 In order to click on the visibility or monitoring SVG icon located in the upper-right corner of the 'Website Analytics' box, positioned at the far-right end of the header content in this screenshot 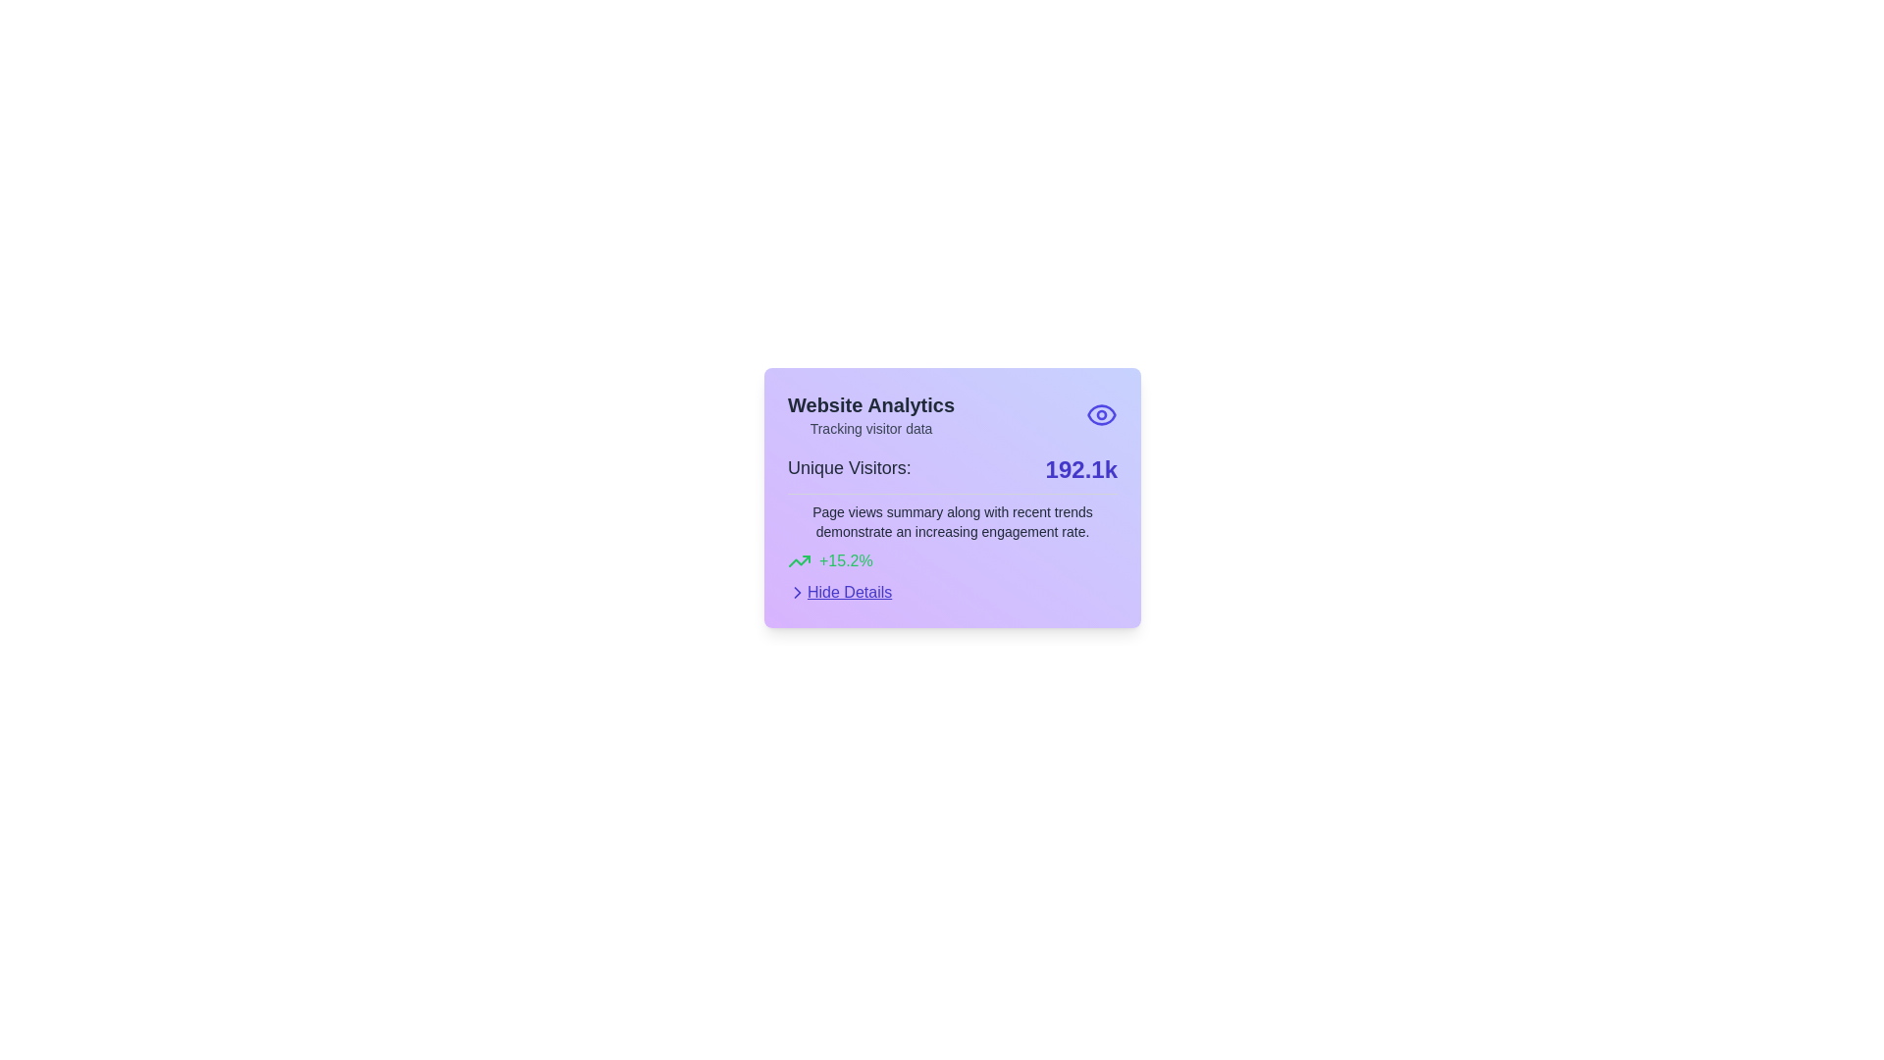, I will do `click(1102, 414)`.